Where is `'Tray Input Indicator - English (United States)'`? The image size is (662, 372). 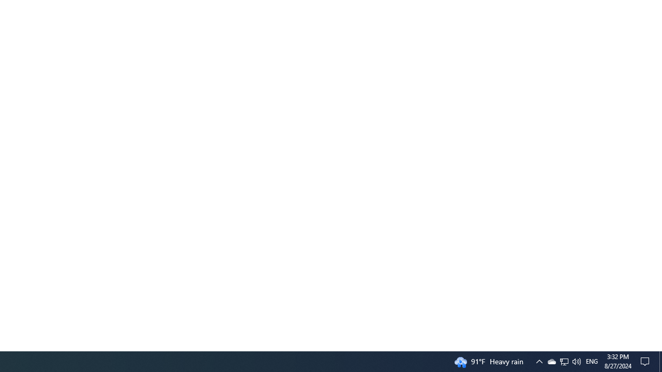 'Tray Input Indicator - English (United States)' is located at coordinates (563, 361).